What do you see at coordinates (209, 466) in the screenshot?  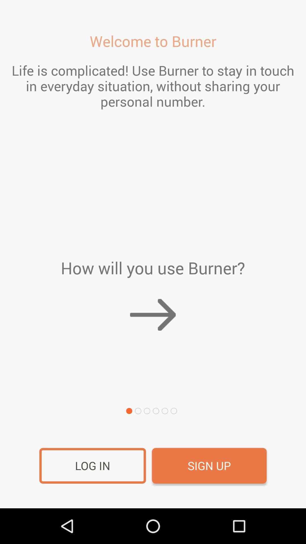 I see `the sign up icon` at bounding box center [209, 466].